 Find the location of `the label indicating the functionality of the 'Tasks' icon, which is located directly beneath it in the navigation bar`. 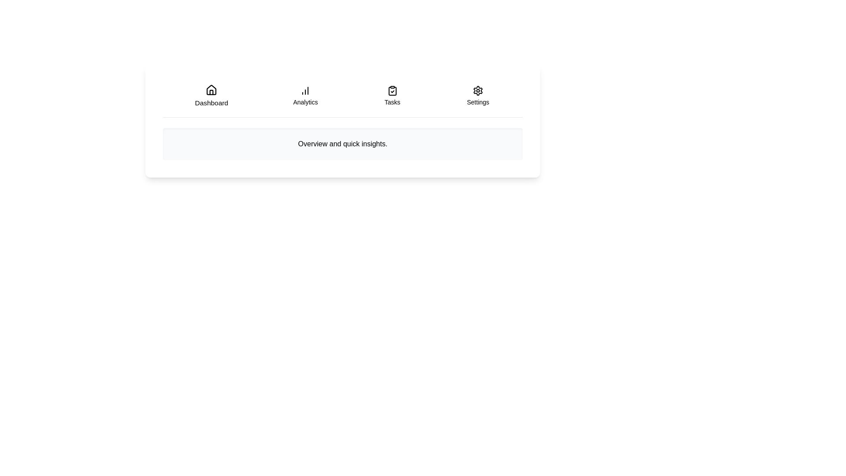

the label indicating the functionality of the 'Tasks' icon, which is located directly beneath it in the navigation bar is located at coordinates (392, 101).